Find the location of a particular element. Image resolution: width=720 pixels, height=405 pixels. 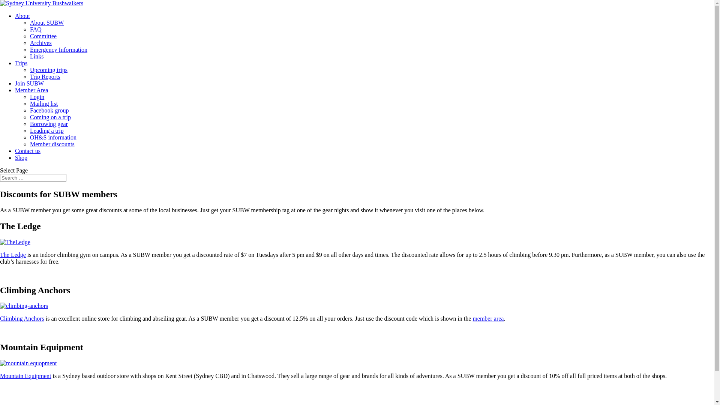

'The Ledge' is located at coordinates (13, 254).